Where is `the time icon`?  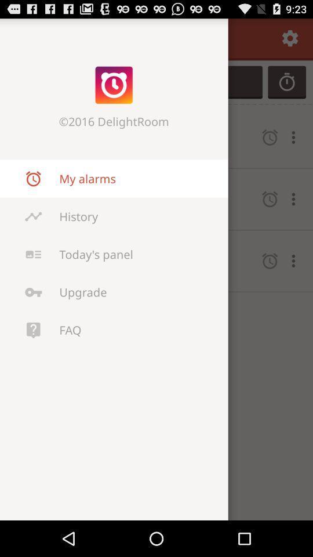
the time icon is located at coordinates (286, 87).